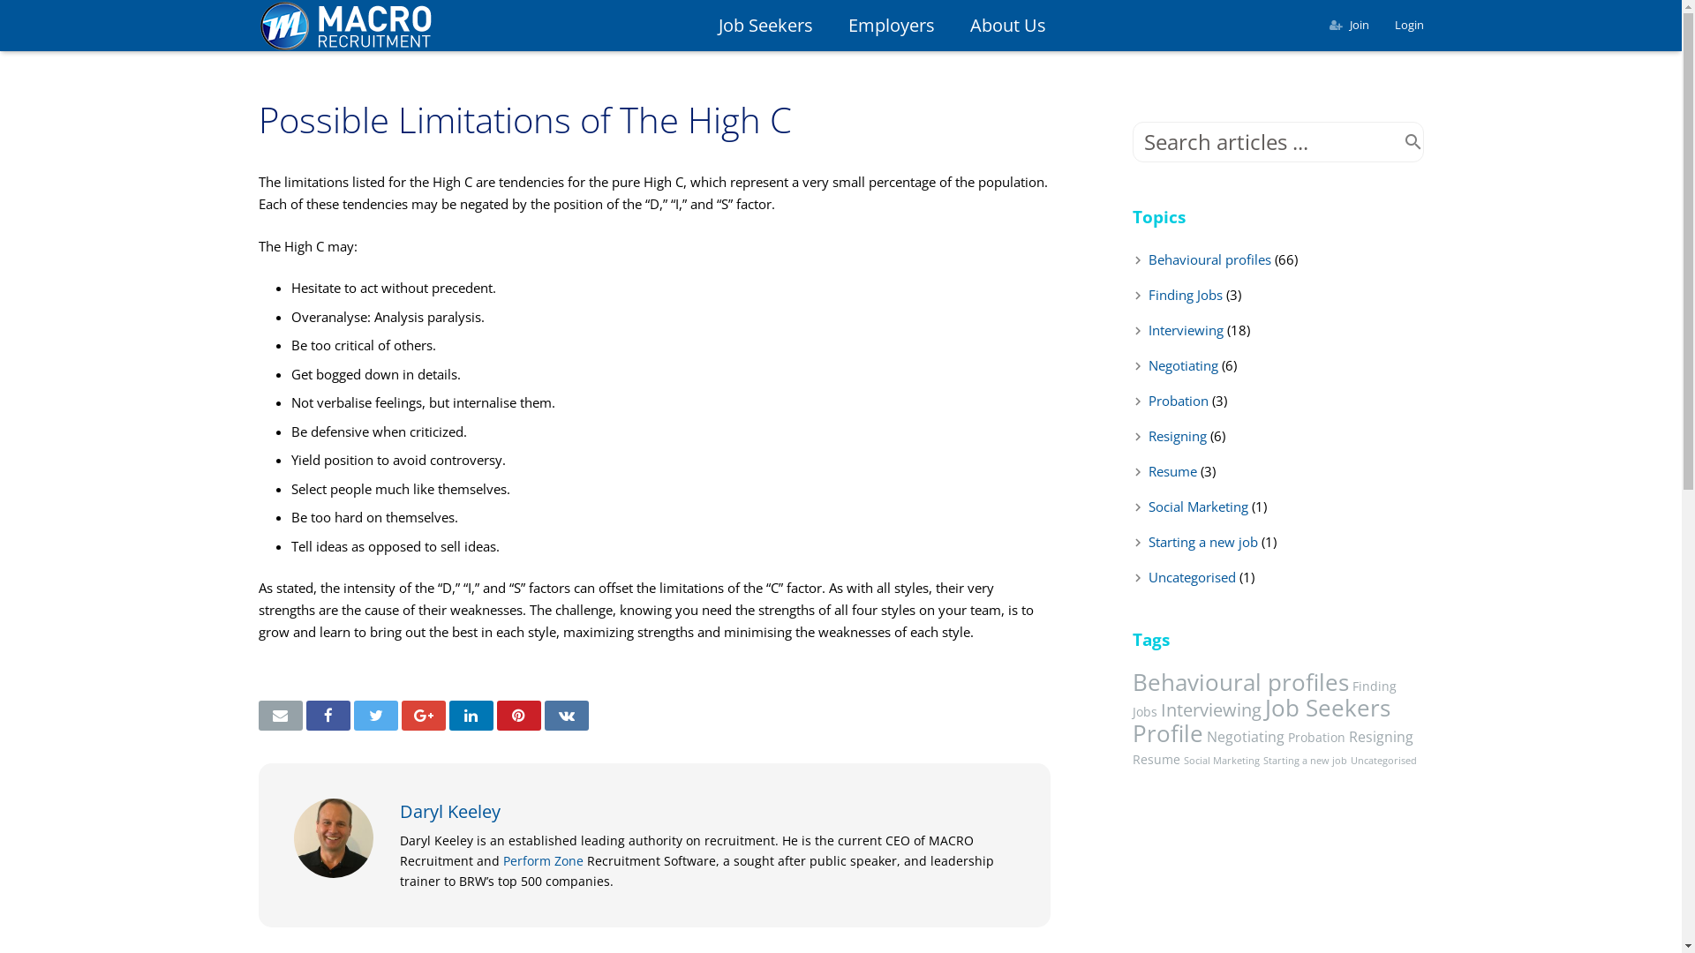 Image resolution: width=1695 pixels, height=953 pixels. I want to click on 'Starting a new job', so click(1202, 540).